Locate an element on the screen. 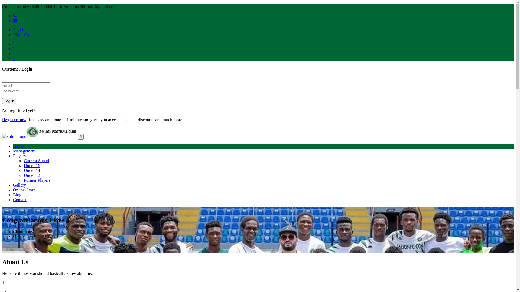 This screenshot has height=292, width=520. 'Twitter' is located at coordinates (13, 49).